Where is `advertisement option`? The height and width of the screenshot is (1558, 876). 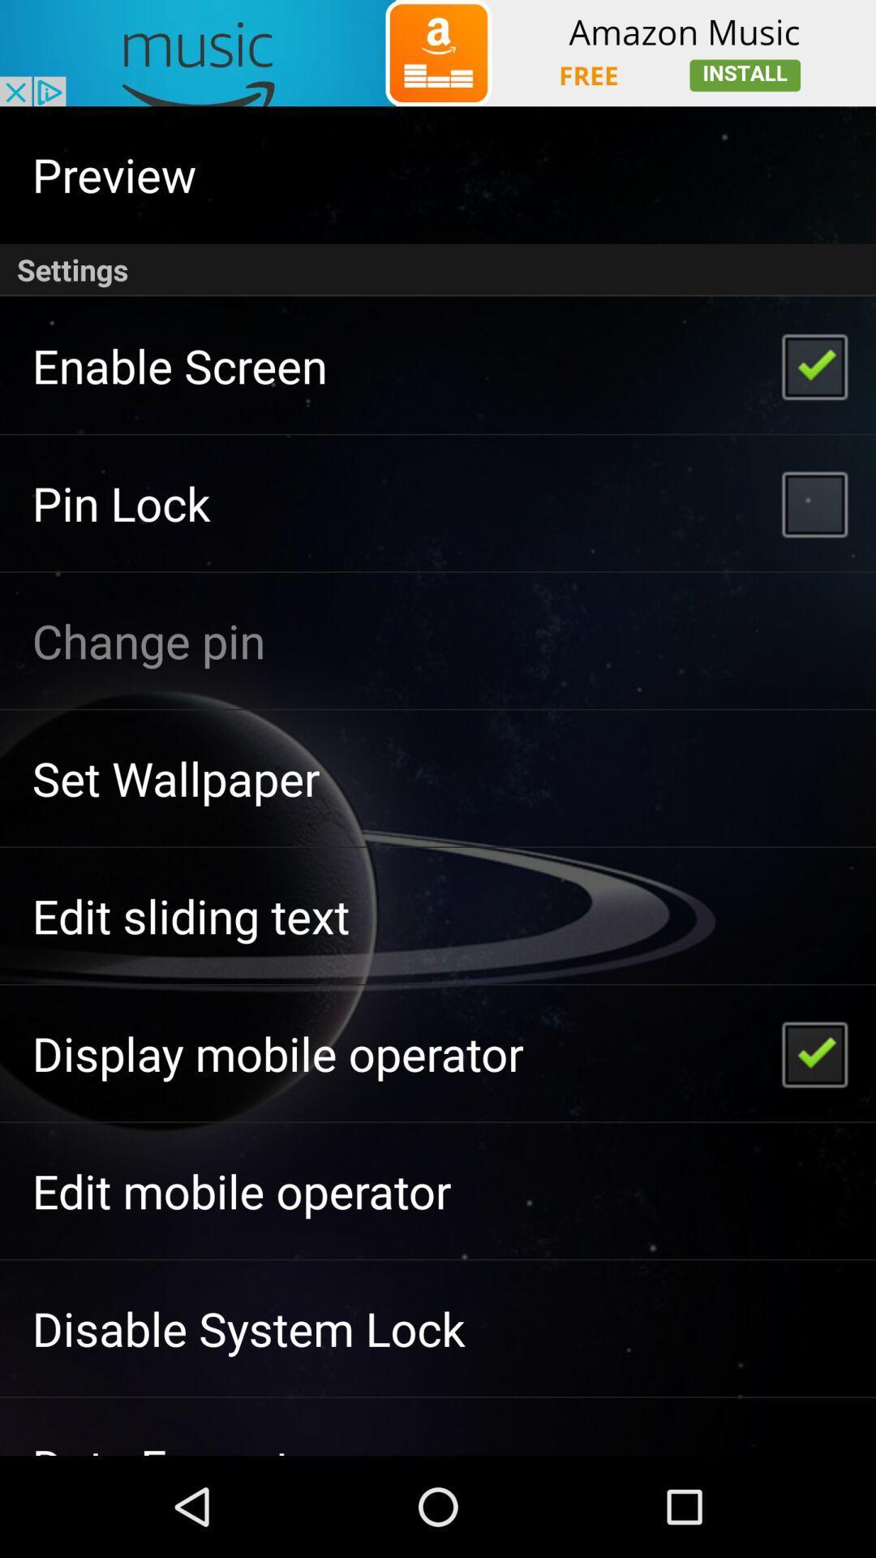 advertisement option is located at coordinates (438, 53).